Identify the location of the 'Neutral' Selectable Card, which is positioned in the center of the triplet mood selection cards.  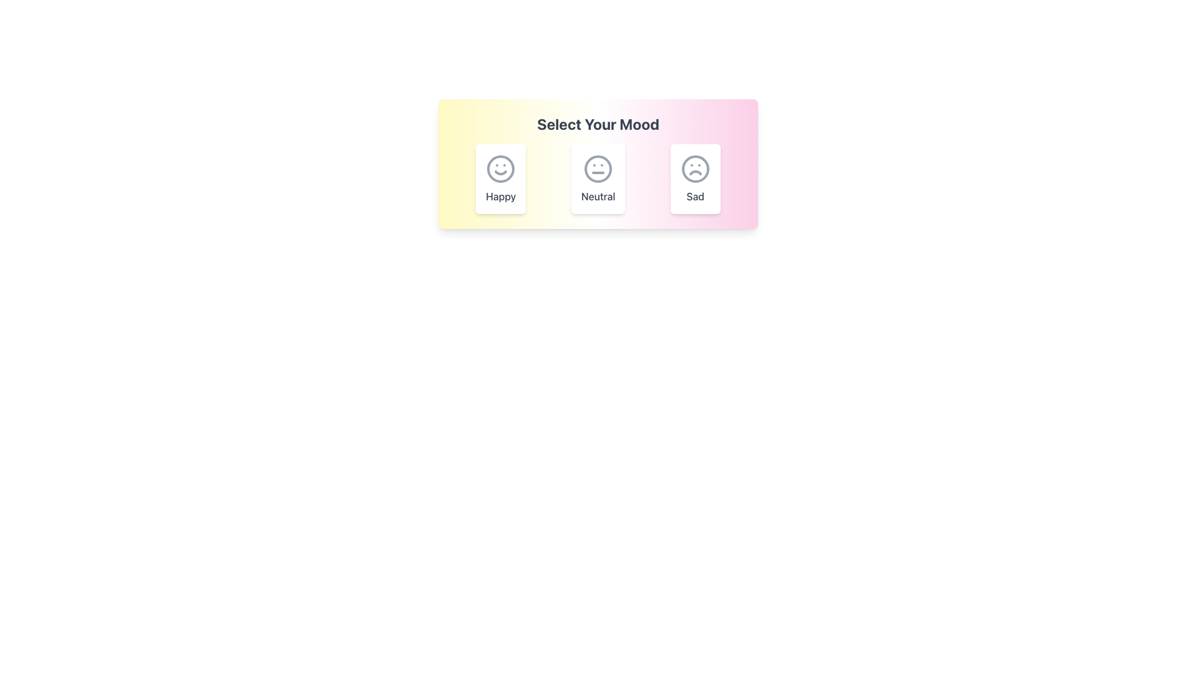
(598, 178).